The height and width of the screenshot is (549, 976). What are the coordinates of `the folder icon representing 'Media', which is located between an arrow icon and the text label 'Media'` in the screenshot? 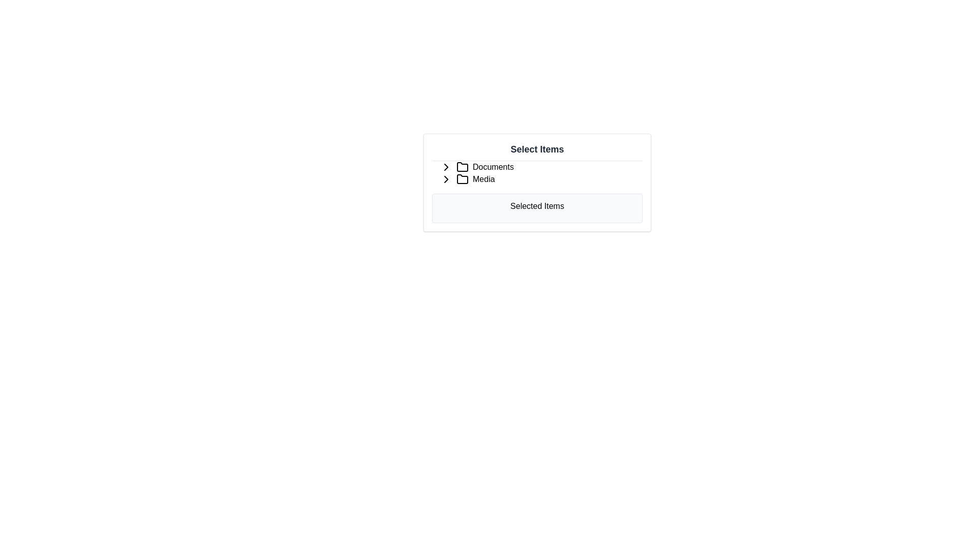 It's located at (462, 179).